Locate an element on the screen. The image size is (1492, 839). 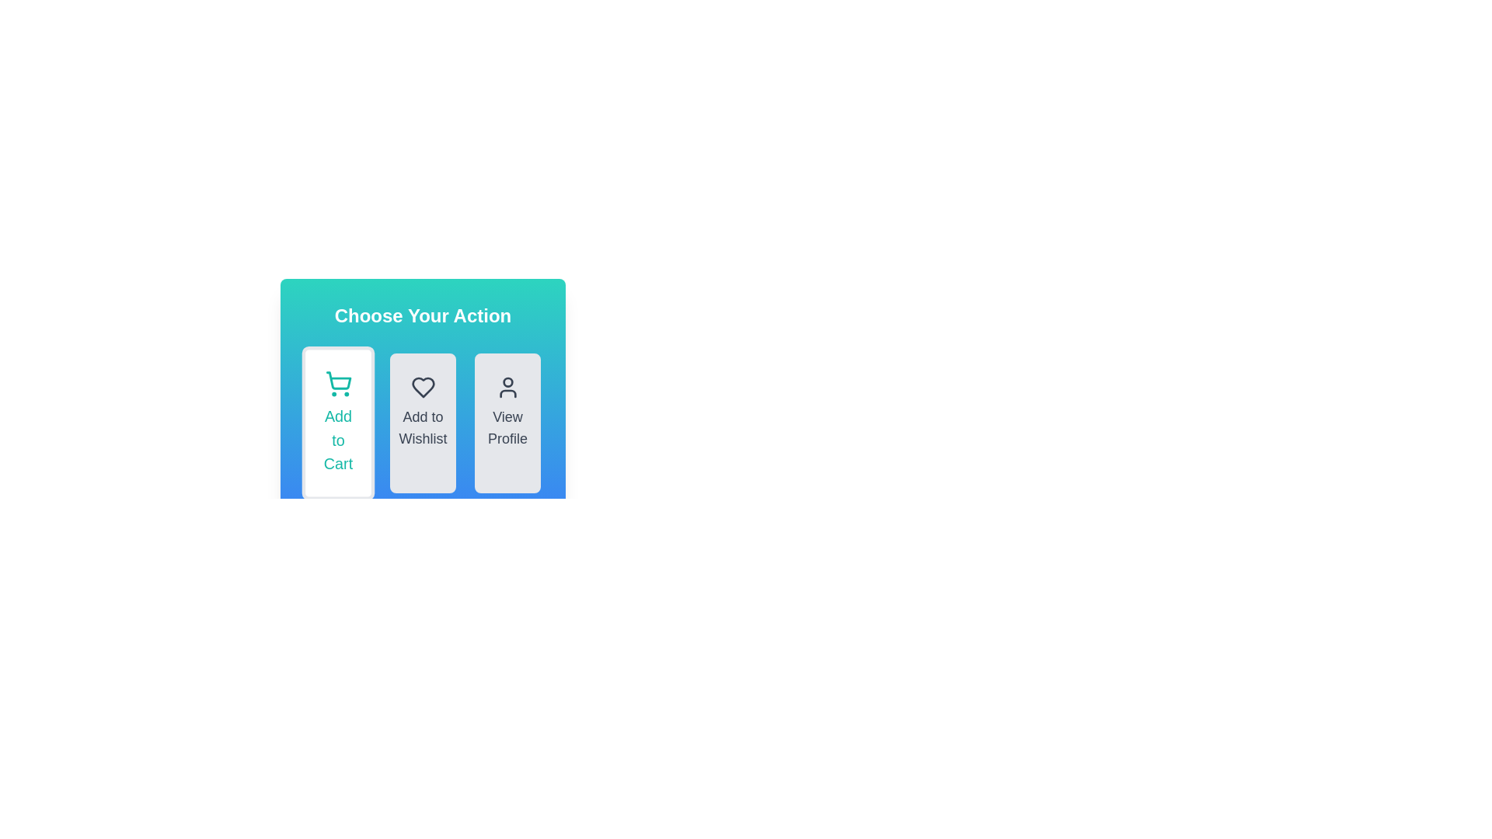
the vector graphic icon that visually represents adding an item to the user's wishlist, located at the center of the 'Add to Wishlist' button is located at coordinates (423, 386).